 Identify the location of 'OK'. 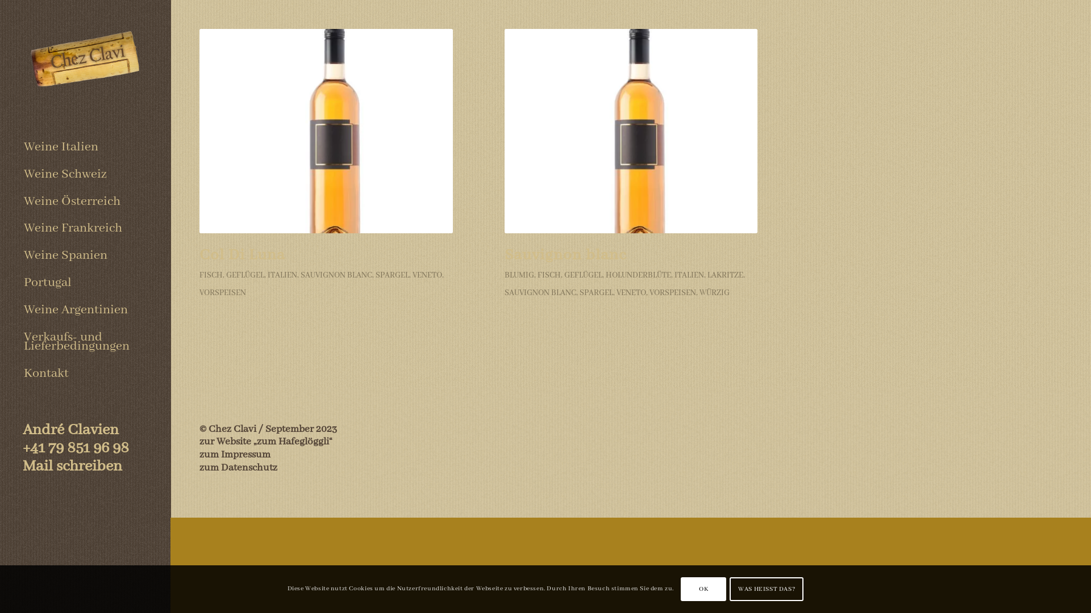
(703, 588).